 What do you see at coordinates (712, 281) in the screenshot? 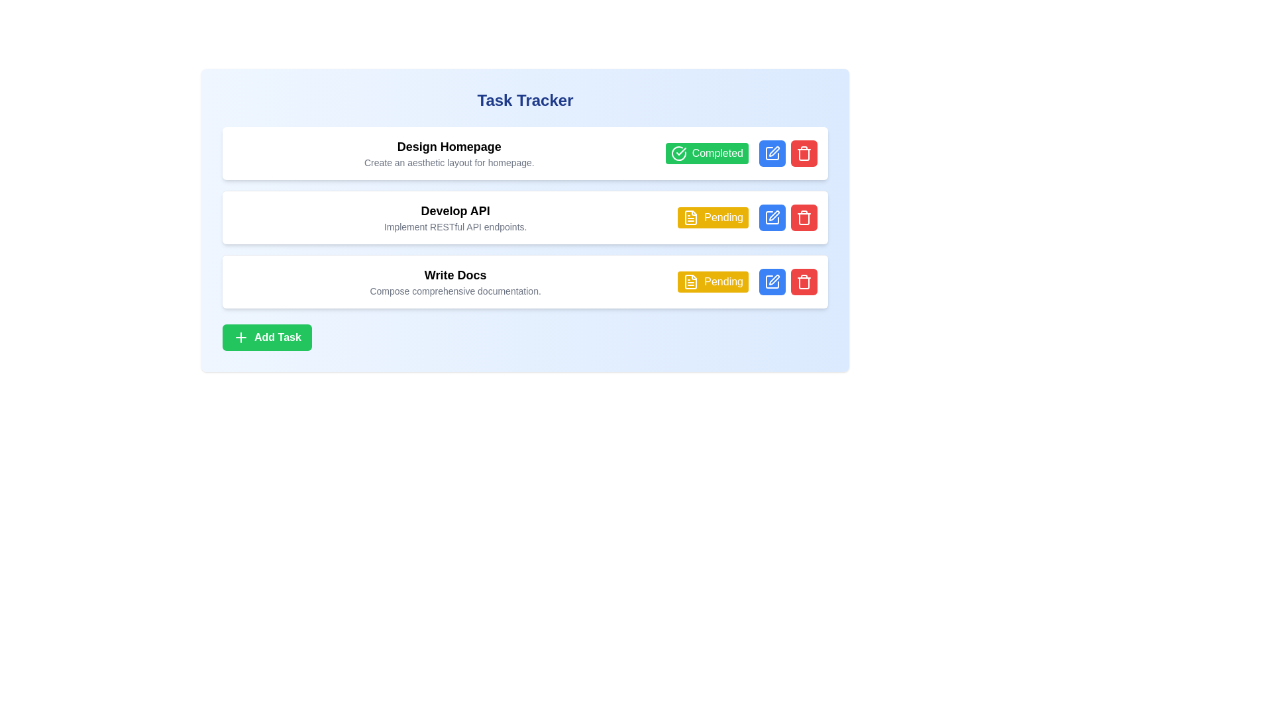
I see `the 'Pending' status label, which is a bright yellow button with white text and a document icon, located within the 'Write Docs' task card` at bounding box center [712, 281].